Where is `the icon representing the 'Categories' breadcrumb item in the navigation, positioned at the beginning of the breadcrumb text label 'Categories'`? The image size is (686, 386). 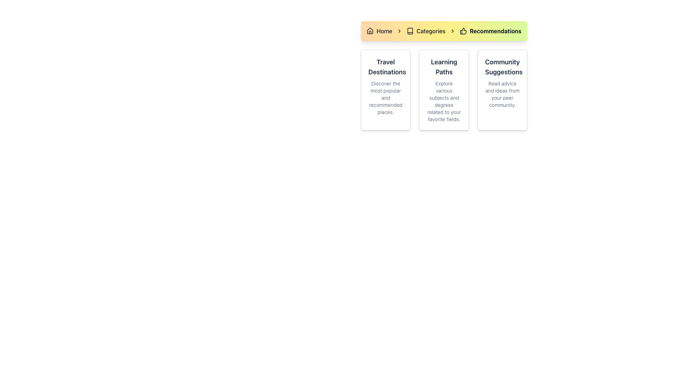
the icon representing the 'Categories' breadcrumb item in the navigation, positioned at the beginning of the breadcrumb text label 'Categories' is located at coordinates (410, 31).